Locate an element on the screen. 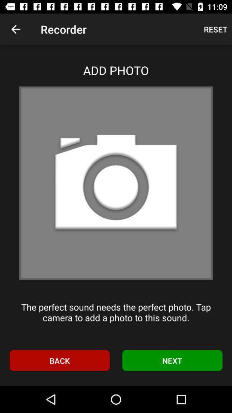 This screenshot has height=413, width=232. next icon is located at coordinates (172, 361).